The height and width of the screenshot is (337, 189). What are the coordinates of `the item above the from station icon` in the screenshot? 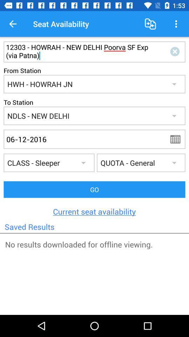 It's located at (81, 51).